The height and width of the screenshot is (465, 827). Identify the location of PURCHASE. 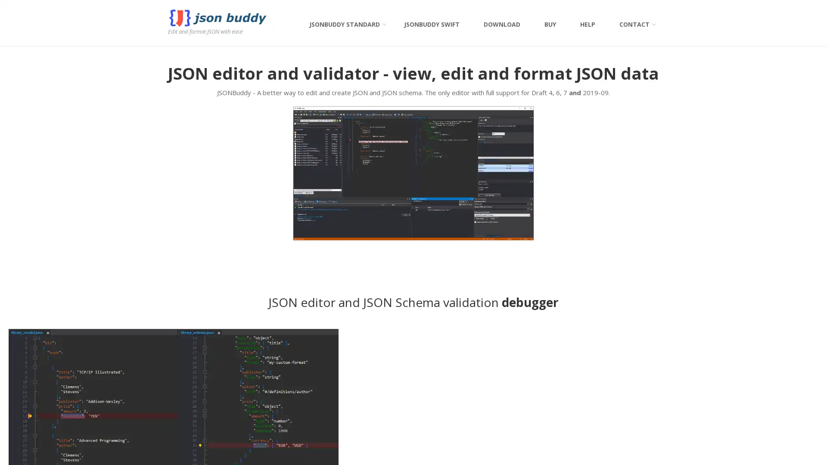
(600, 263).